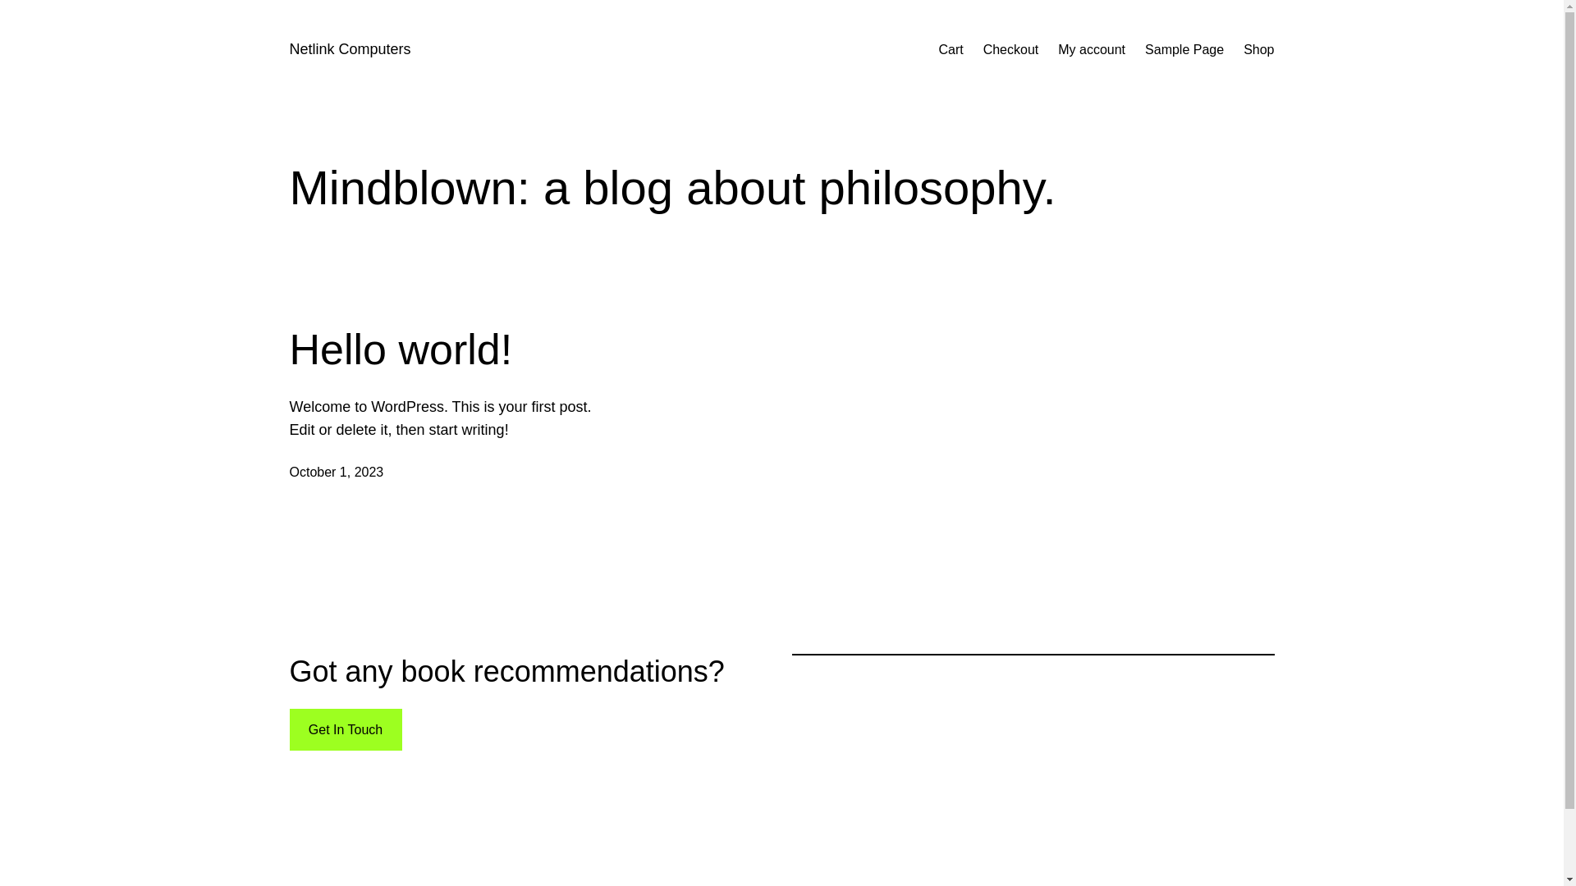 The image size is (1576, 886). What do you see at coordinates (349, 48) in the screenshot?
I see `'Netlink Computers'` at bounding box center [349, 48].